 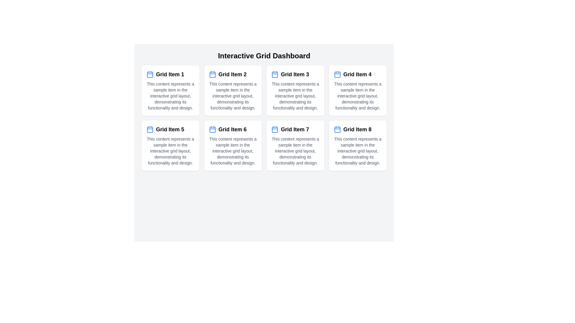 What do you see at coordinates (358, 151) in the screenshot?
I see `the text label located below the header 'Grid Item 8' in the eighth grid item card, which contains the text 'This content represents a sample item in the interactive grid layout, demonstrating its functionality and design.'` at bounding box center [358, 151].